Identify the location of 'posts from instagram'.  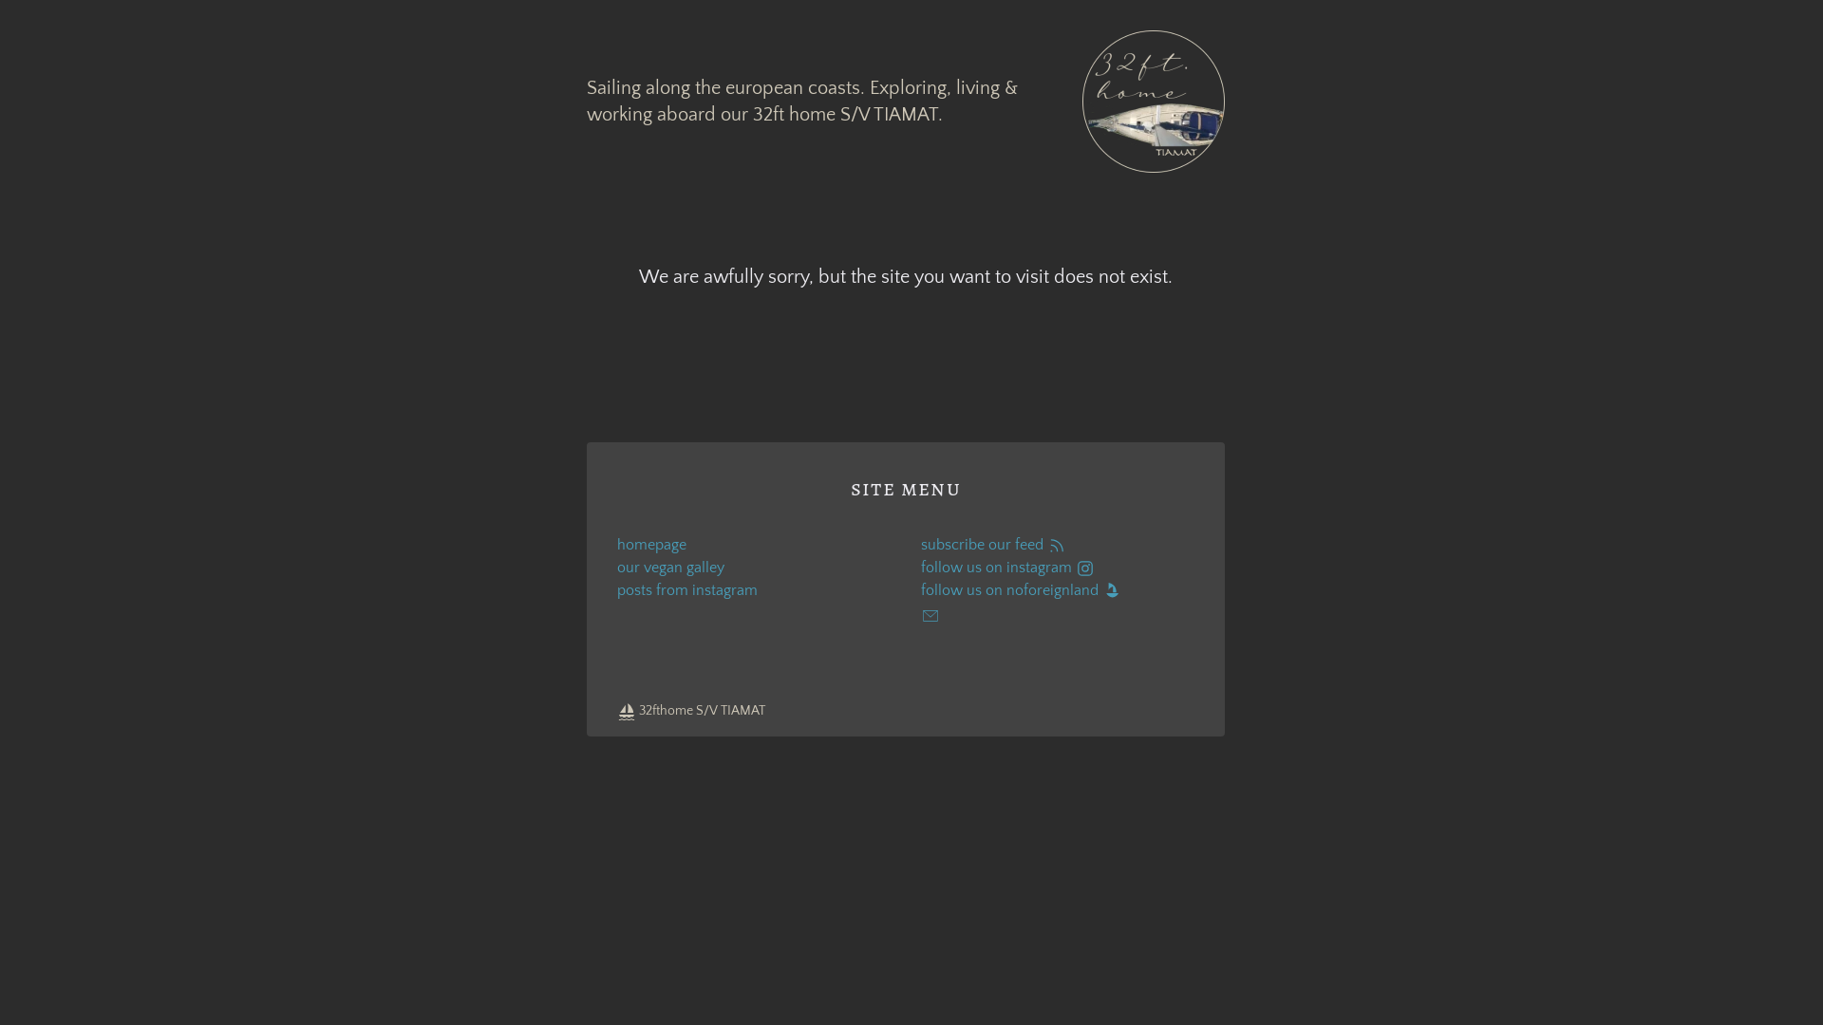
(616, 588).